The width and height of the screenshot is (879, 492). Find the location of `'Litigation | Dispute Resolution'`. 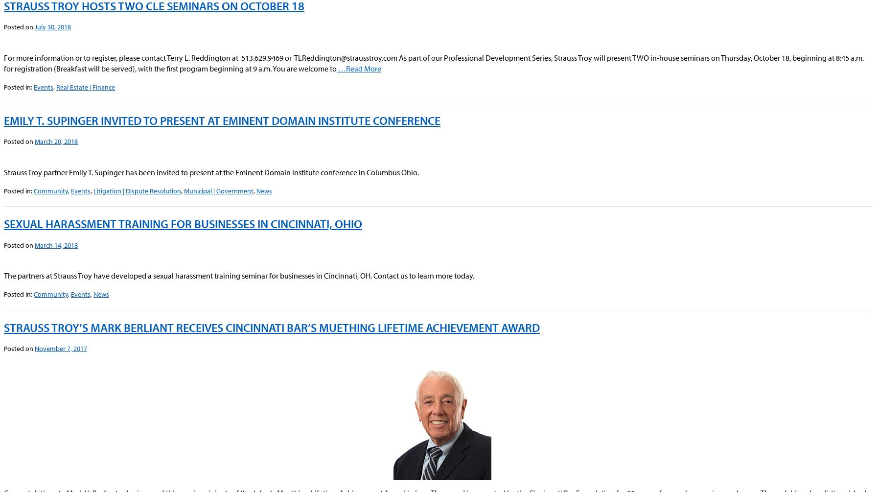

'Litigation | Dispute Resolution' is located at coordinates (137, 190).